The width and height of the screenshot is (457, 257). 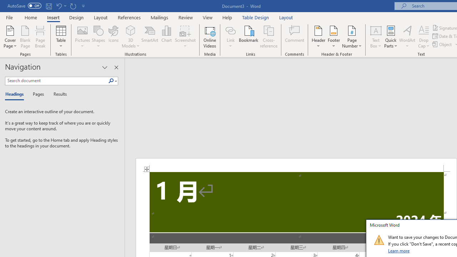 I want to click on 'Footer', so click(x=333, y=37).